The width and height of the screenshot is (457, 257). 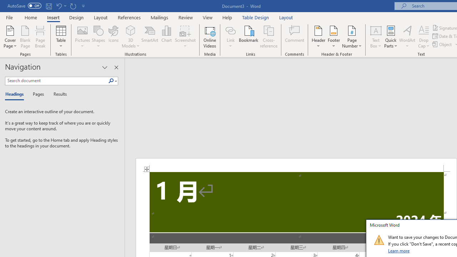 I want to click on 'Footer', so click(x=333, y=37).